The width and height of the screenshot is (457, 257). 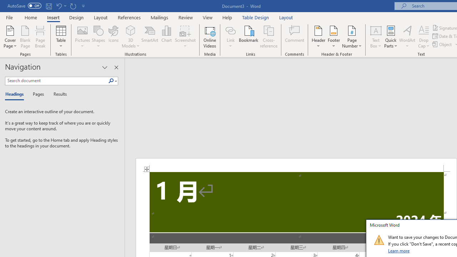 I want to click on 'Footer', so click(x=333, y=37).